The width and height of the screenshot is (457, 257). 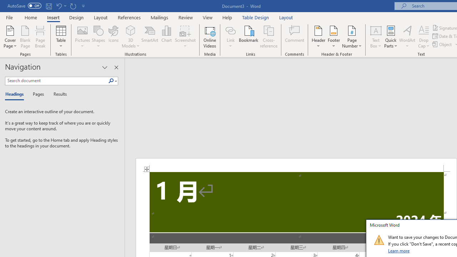 I want to click on 'Footer', so click(x=333, y=37).